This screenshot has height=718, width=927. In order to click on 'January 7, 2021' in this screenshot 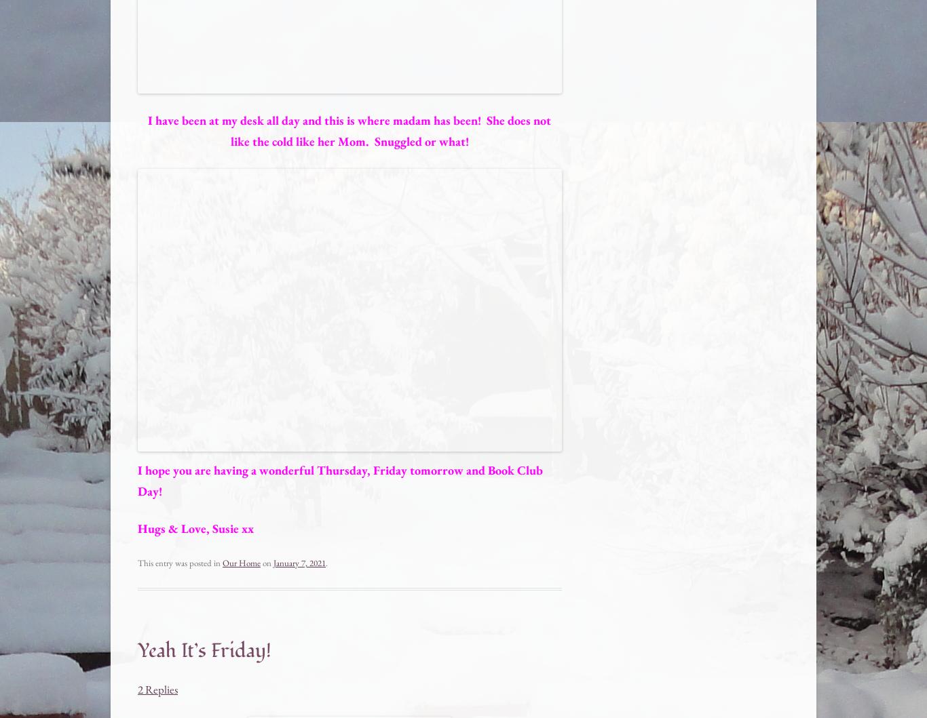, I will do `click(272, 562)`.